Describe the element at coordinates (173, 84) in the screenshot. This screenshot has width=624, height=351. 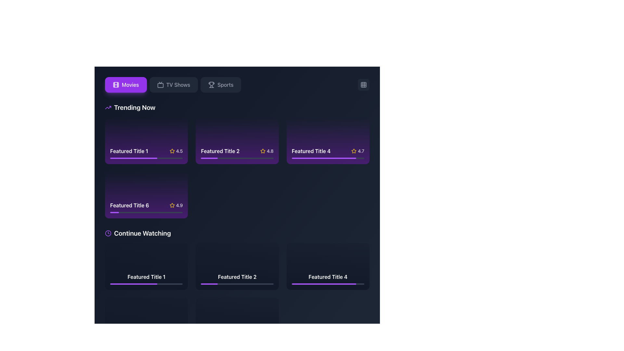
I see `the 'TV Shows' navigation button, which is a rounded rectangle with a television icon and the text 'TV Shows', located between the 'Movies' button (highlighted in purple) and the 'Sports' button` at that location.